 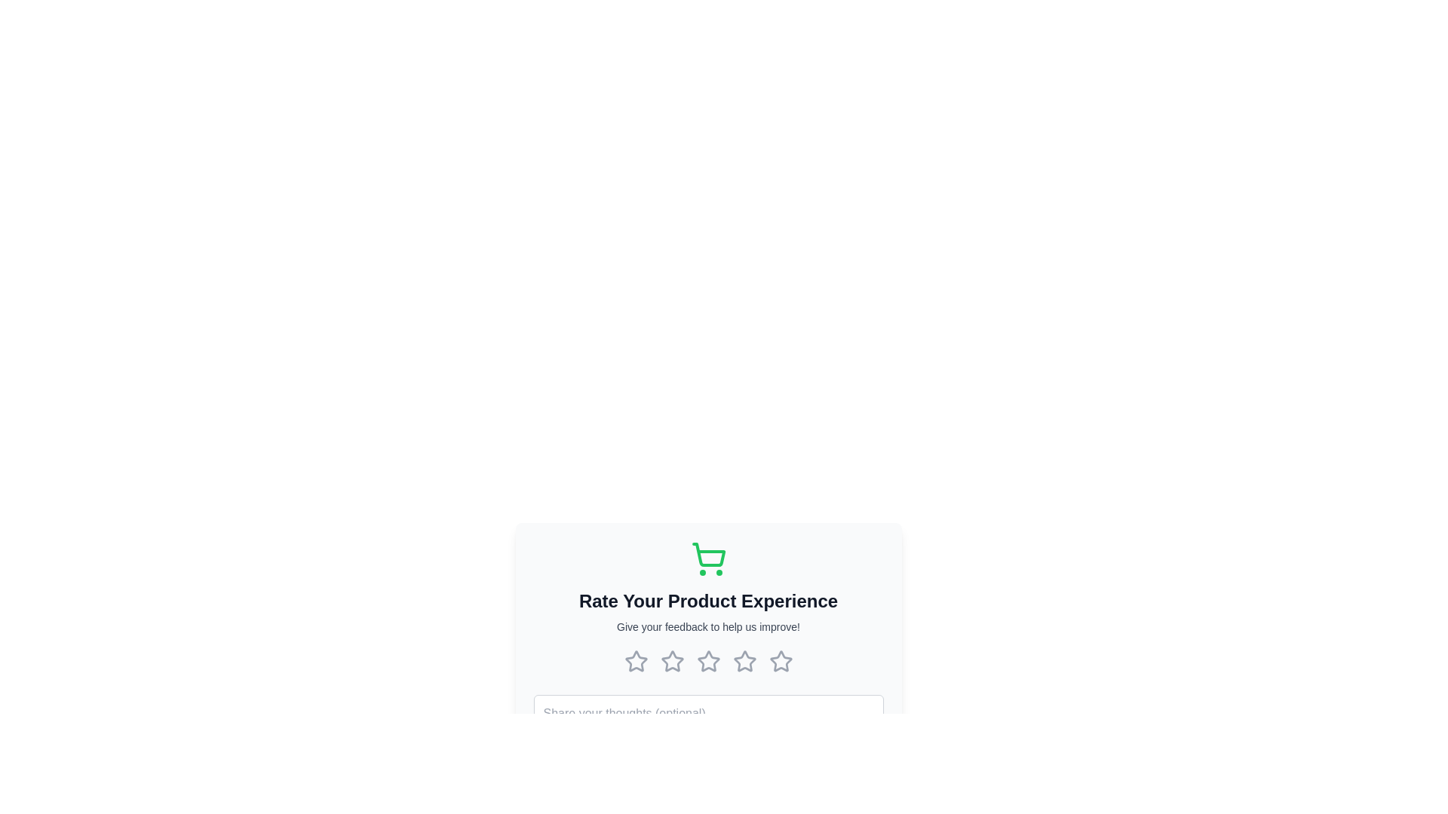 What do you see at coordinates (636, 661) in the screenshot?
I see `the first star rating icon in the 'Rate Your Product Experience' section` at bounding box center [636, 661].